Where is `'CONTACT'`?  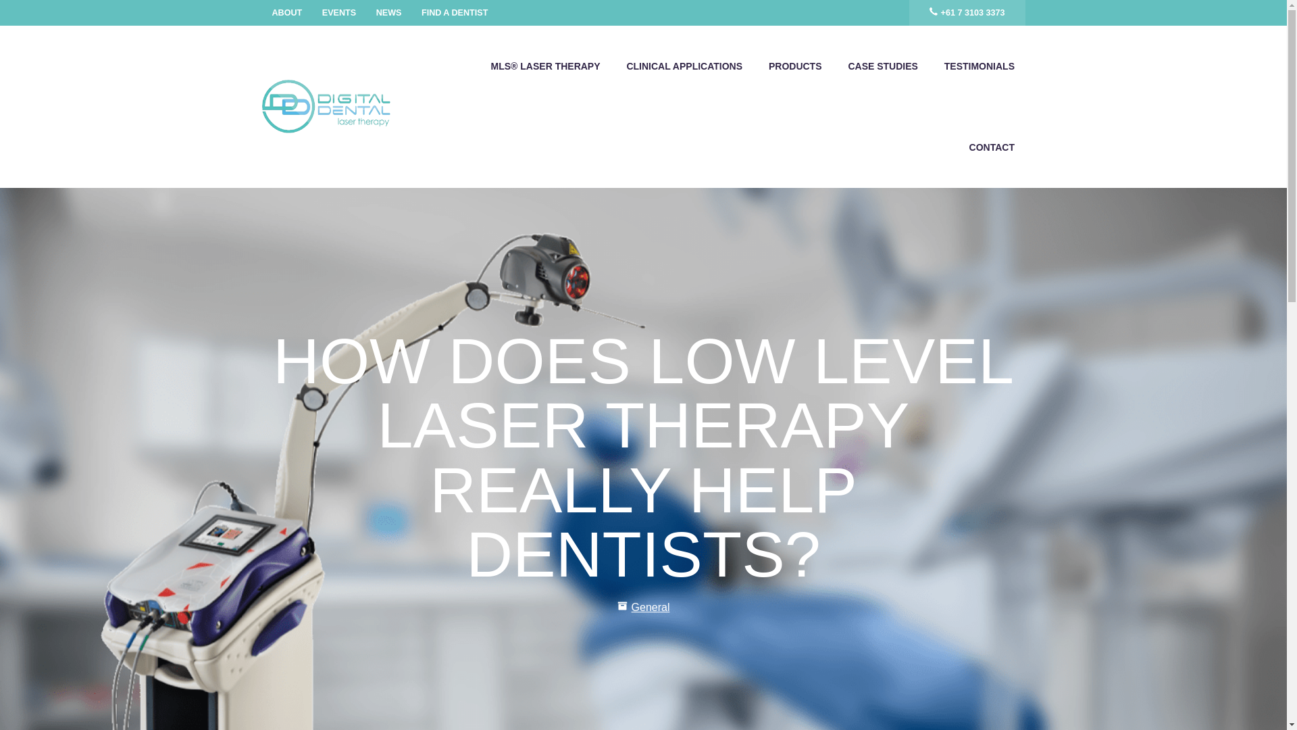
'CONTACT' is located at coordinates (992, 147).